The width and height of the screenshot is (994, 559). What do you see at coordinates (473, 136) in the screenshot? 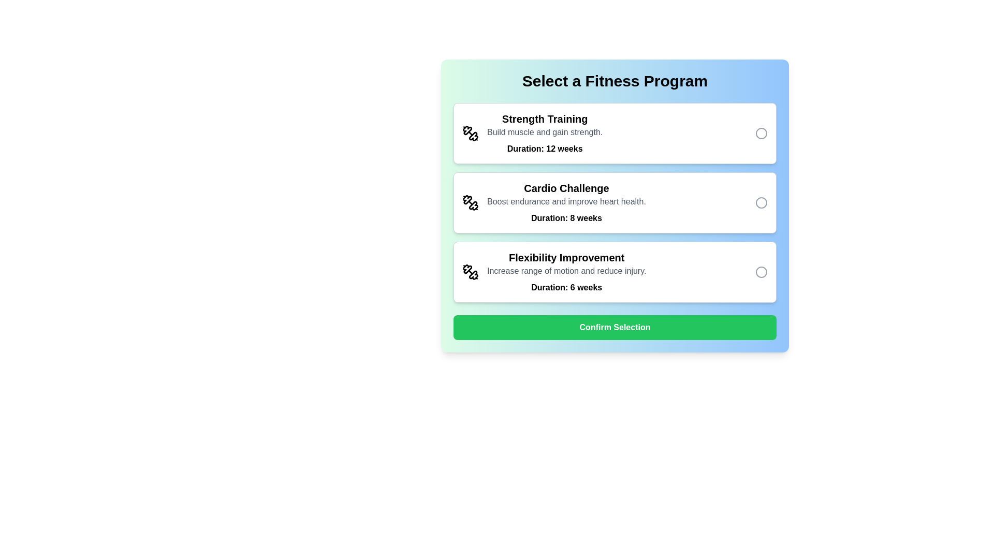
I see `the black icon resembling a stylized dumbbell design, which is located above the 'Strength Training' text within the Strength Training fitness program card` at bounding box center [473, 136].